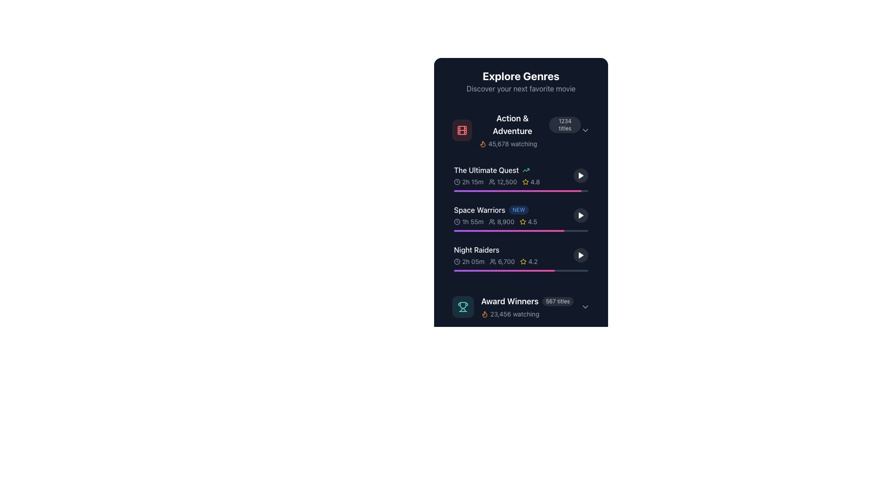 This screenshot has height=489, width=870. I want to click on the visual progress bar indicator for the 'Night Raiders' section, which fills approximately three-quarters of the horizontal space, so click(504, 270).